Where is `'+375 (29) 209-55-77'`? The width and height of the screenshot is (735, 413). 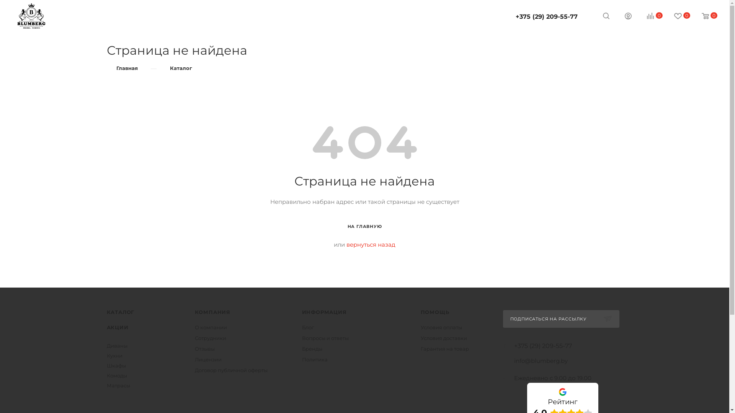 '+375 (29) 209-55-77' is located at coordinates (542, 346).